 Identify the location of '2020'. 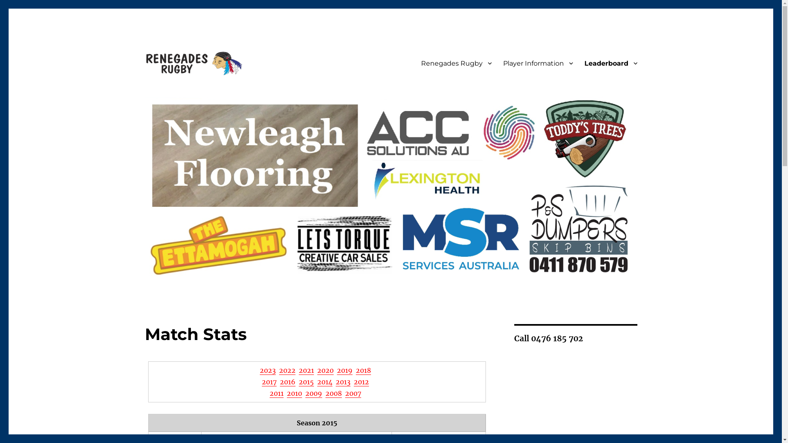
(325, 370).